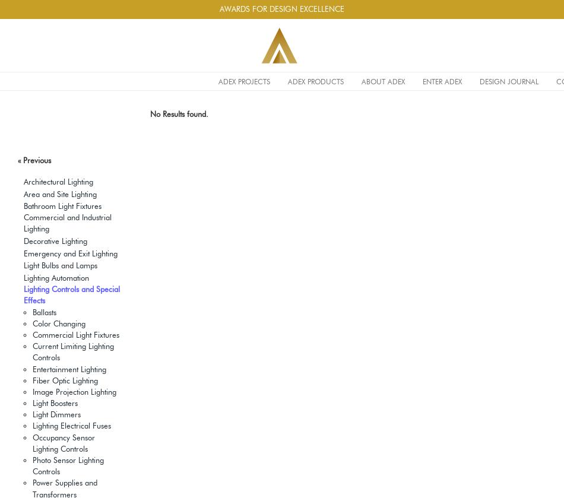 The height and width of the screenshot is (498, 564). I want to click on 'Image Projection Lighting', so click(74, 391).